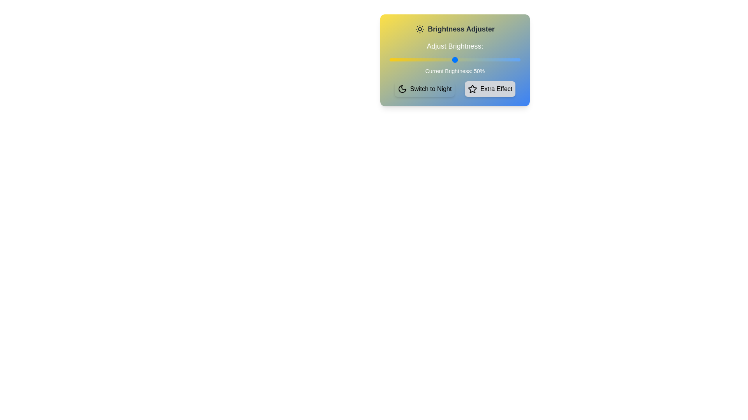  What do you see at coordinates (424, 88) in the screenshot?
I see `the 'Switch to Night' button to toggle the theme` at bounding box center [424, 88].